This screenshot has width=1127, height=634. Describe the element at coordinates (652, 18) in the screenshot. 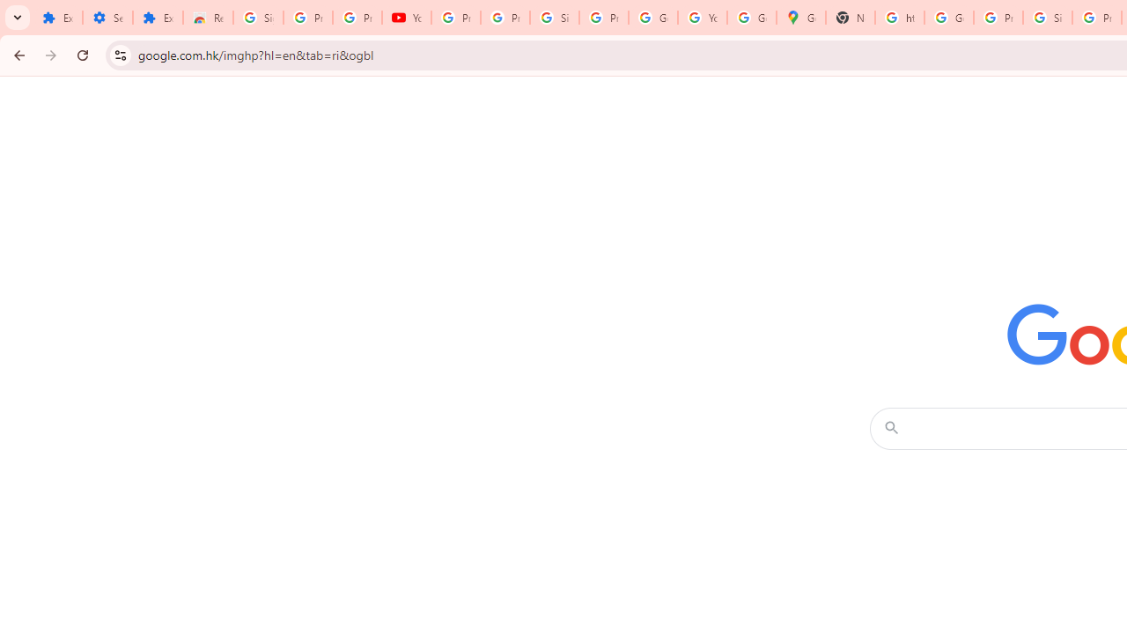

I see `'Google Account'` at that location.